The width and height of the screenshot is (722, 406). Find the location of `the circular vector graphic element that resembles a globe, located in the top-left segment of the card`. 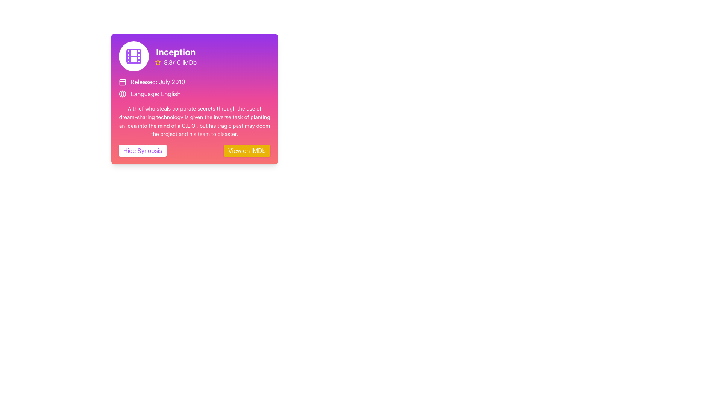

the circular vector graphic element that resembles a globe, located in the top-left segment of the card is located at coordinates (123, 94).